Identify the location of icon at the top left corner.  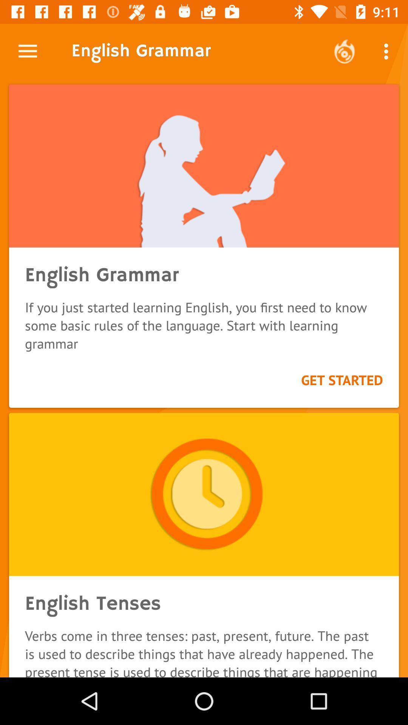
(27, 51).